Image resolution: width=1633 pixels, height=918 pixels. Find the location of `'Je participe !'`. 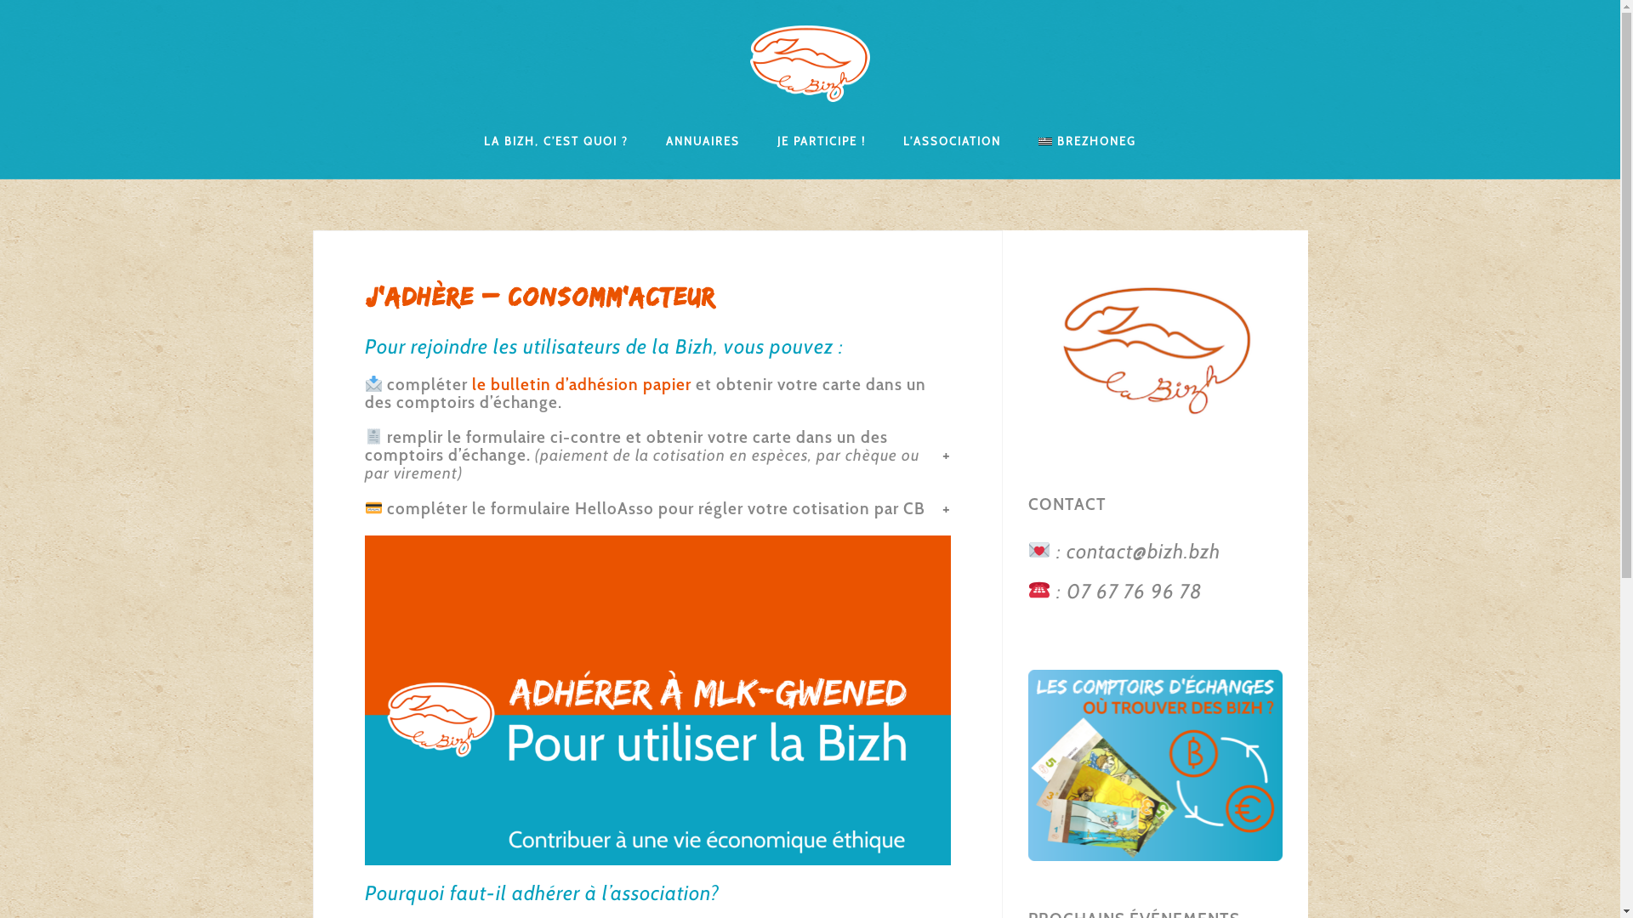

'Je participe !' is located at coordinates (821, 139).